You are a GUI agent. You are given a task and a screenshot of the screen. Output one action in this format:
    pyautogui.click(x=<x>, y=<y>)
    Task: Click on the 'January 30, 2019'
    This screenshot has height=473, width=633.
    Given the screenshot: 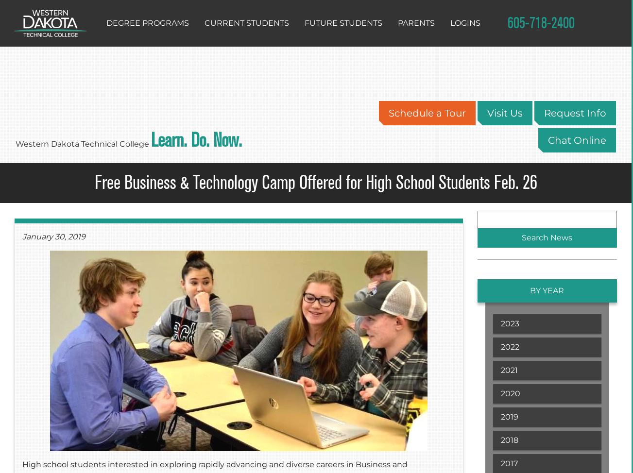 What is the action you would take?
    pyautogui.click(x=54, y=236)
    